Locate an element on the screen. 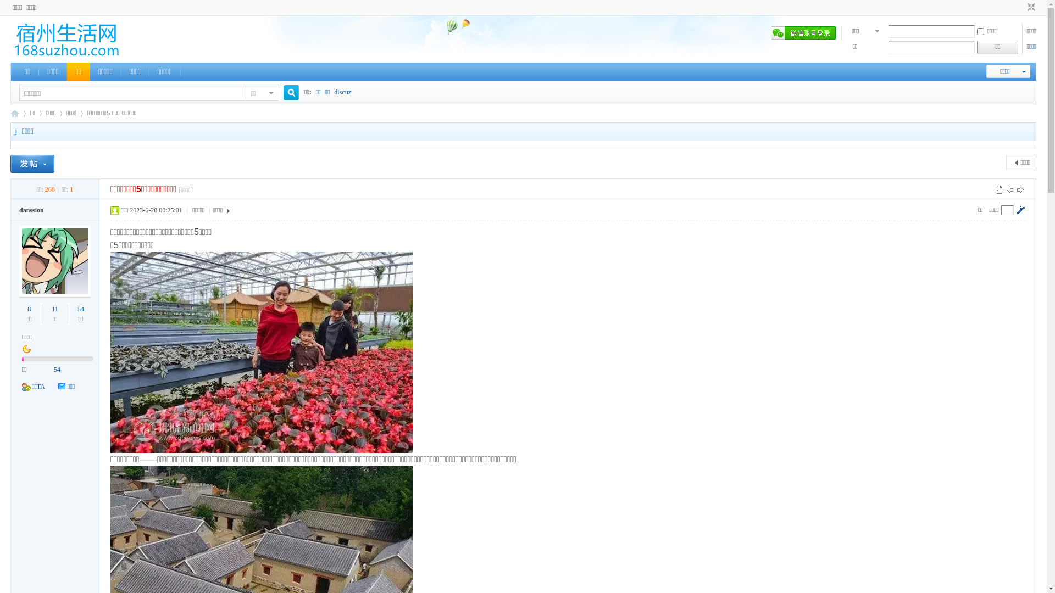  'true' is located at coordinates (287, 92).